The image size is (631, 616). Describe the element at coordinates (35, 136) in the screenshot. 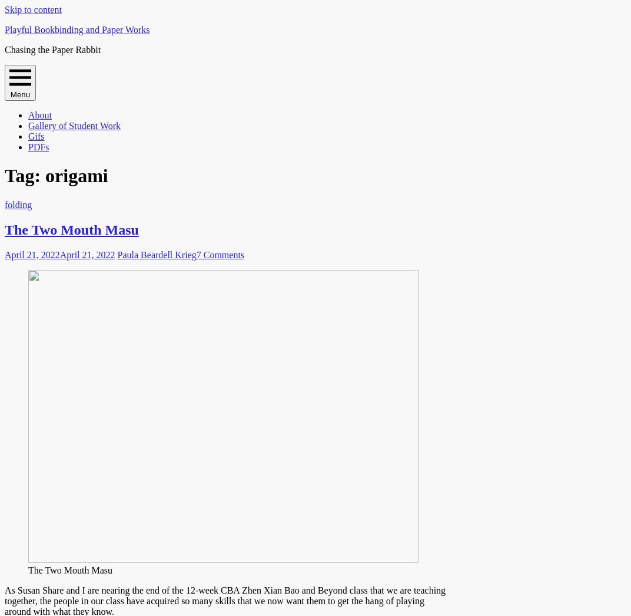

I see `'Gifs'` at that location.